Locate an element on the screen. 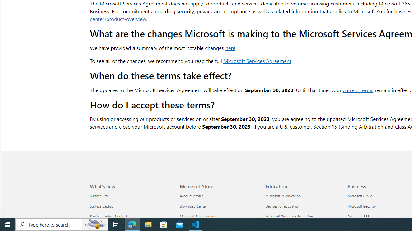 Image resolution: width=412 pixels, height=231 pixels. 'Account profile' is located at coordinates (219, 196).